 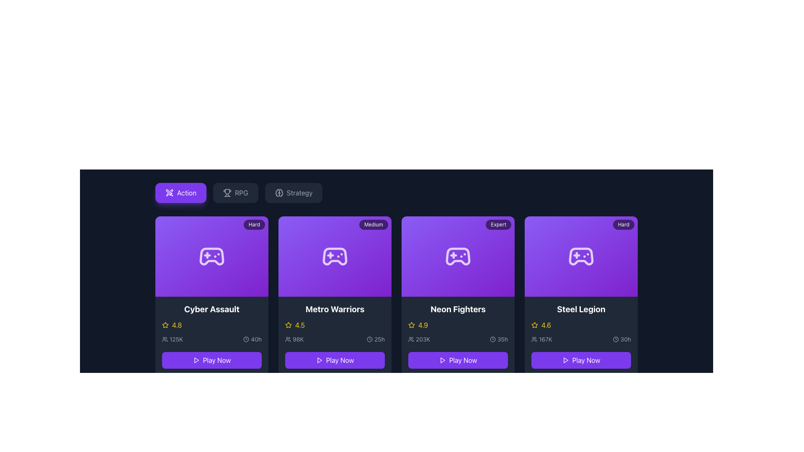 What do you see at coordinates (586, 360) in the screenshot?
I see `the 'Play Now' text within the button at the bottom-center of the 'Steel Legion' game card for visual feedback` at bounding box center [586, 360].